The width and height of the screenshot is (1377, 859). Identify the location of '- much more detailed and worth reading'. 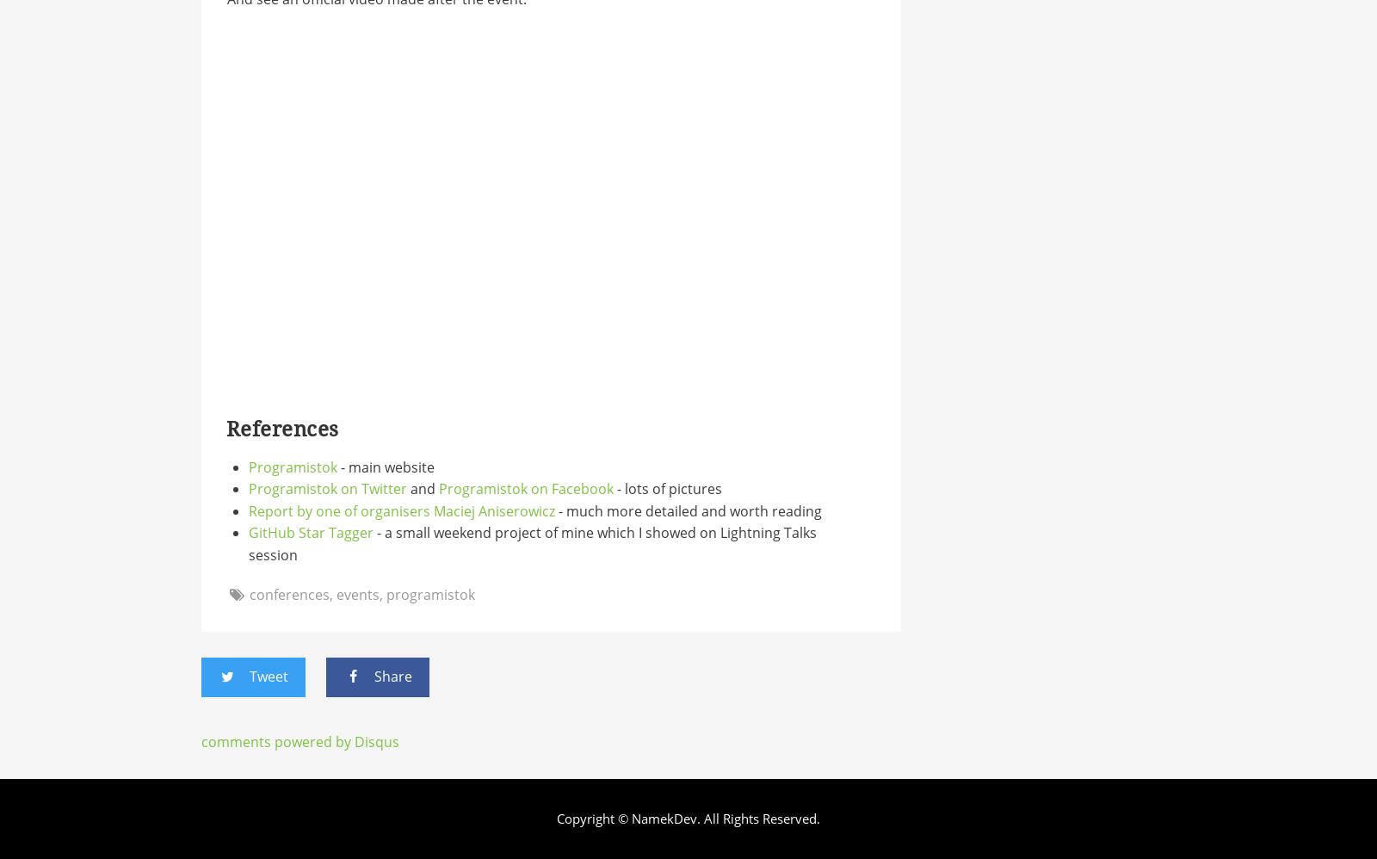
(554, 510).